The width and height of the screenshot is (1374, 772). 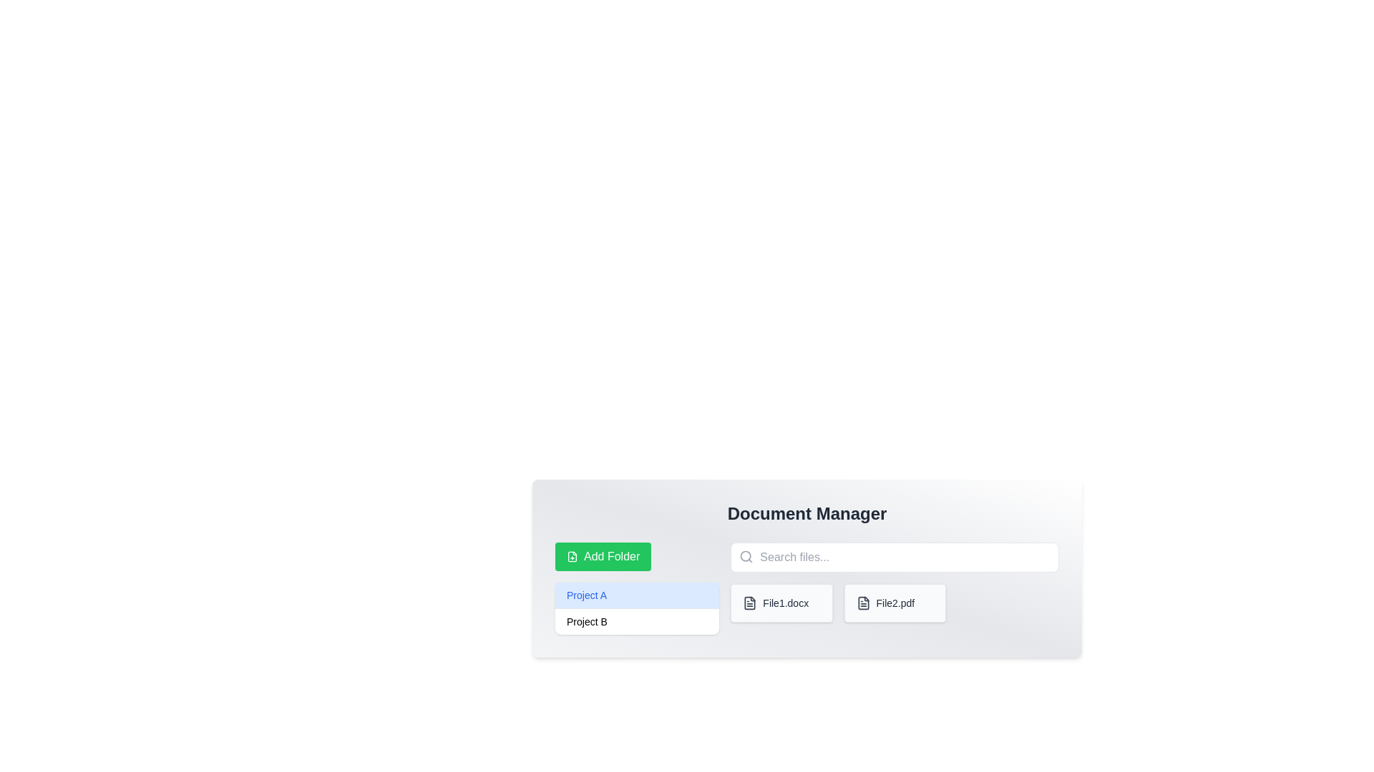 I want to click on the folder addition icon located to the far left inside the green 'Add Folder' button in the upper-left region of the interface, so click(x=572, y=556).